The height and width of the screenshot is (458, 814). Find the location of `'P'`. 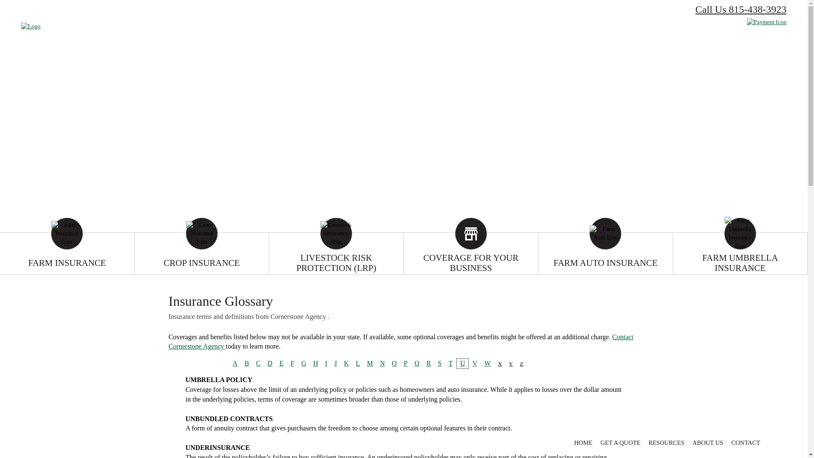

'P' is located at coordinates (405, 363).